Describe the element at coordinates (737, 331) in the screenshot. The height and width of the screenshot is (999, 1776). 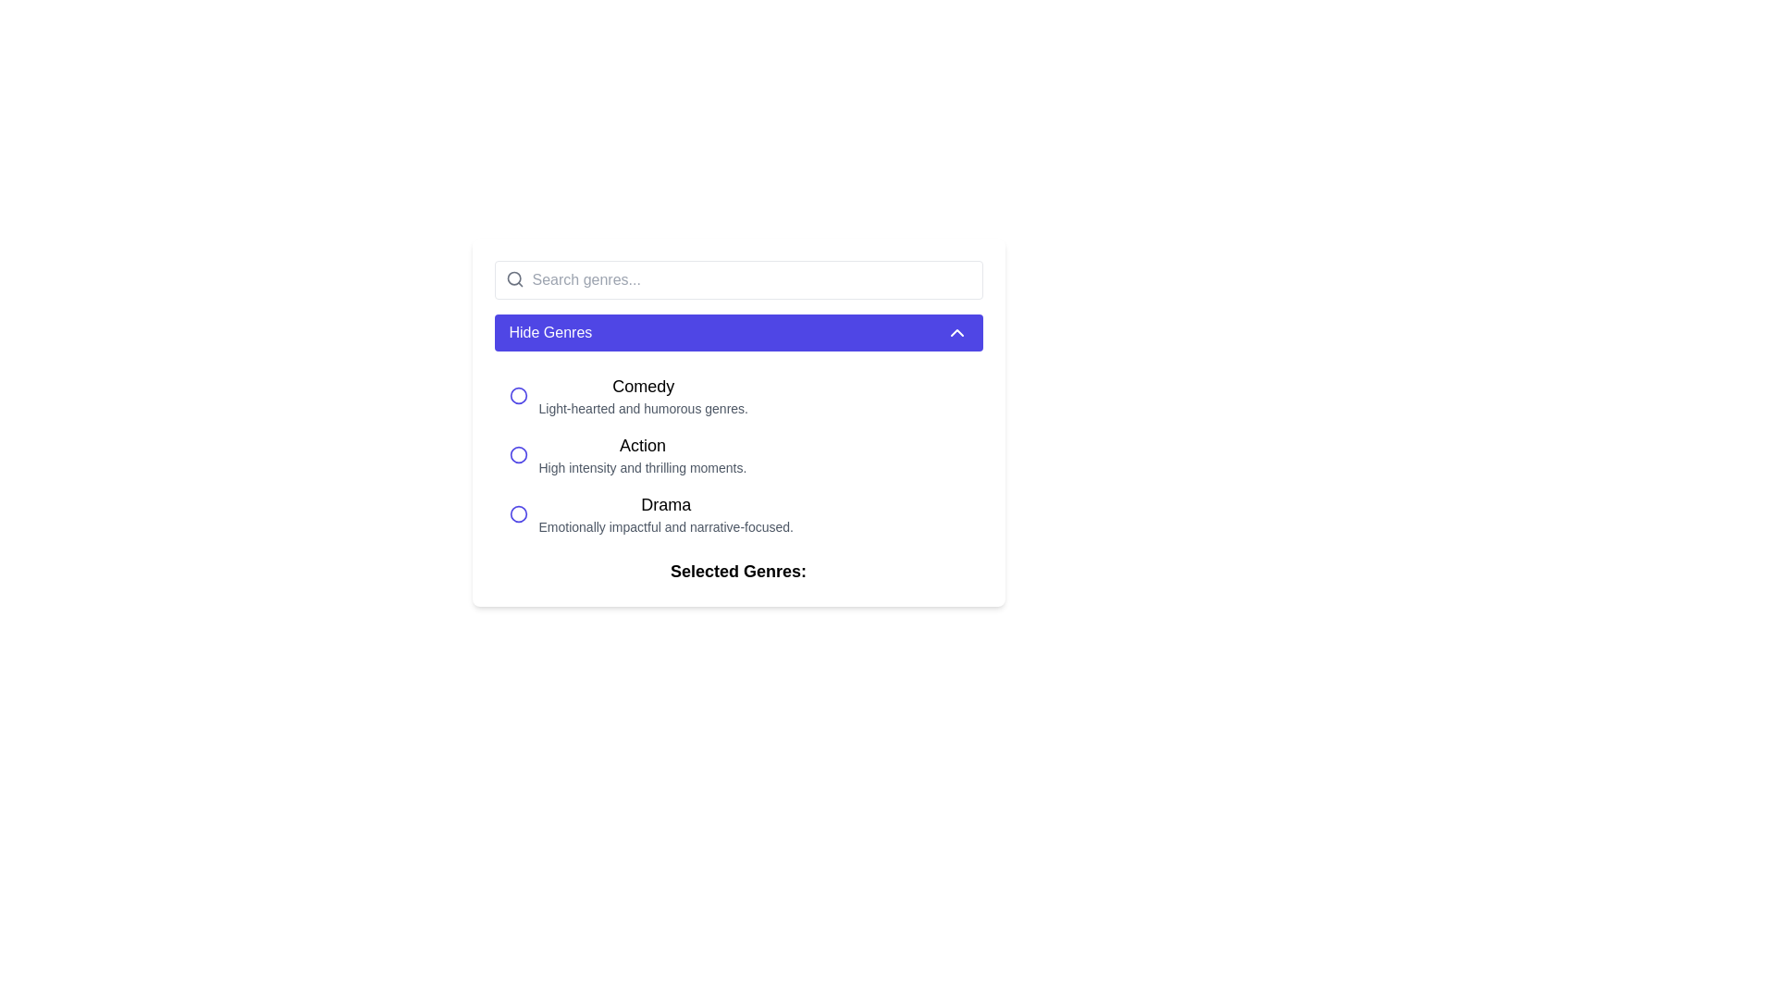
I see `the interactive button located below the search input field` at that location.